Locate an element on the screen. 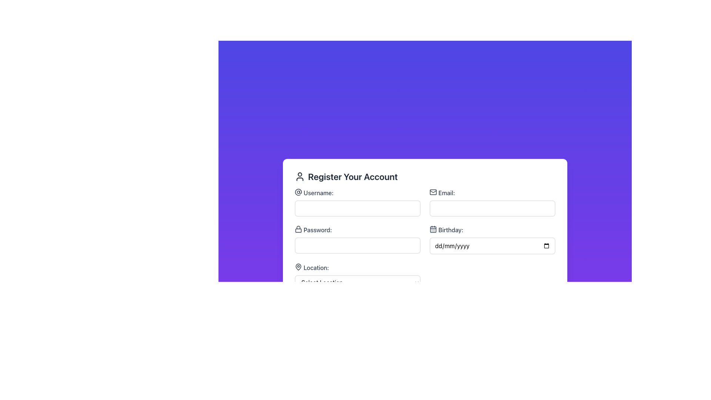 Image resolution: width=711 pixels, height=400 pixels. the lock icon, which indicates that the associated 'Password' field is for entering a secure and private value is located at coordinates (298, 229).